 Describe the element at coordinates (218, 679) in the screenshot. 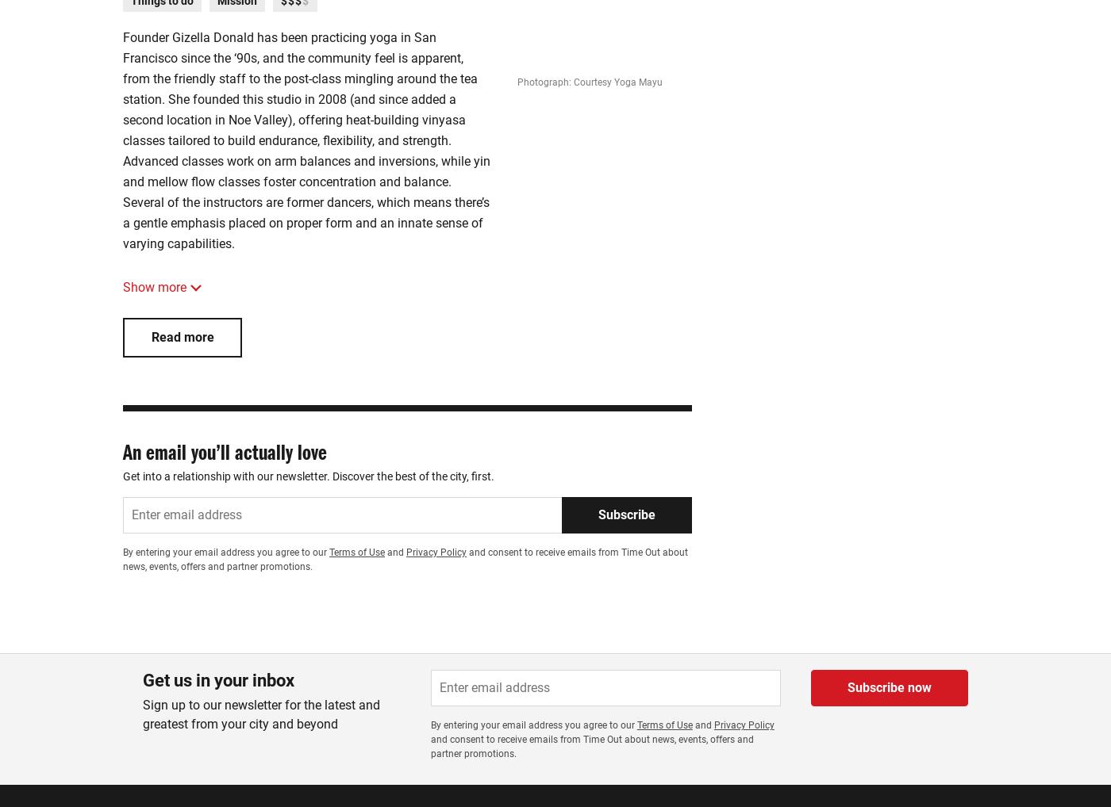

I see `'Get us in your inbox'` at that location.